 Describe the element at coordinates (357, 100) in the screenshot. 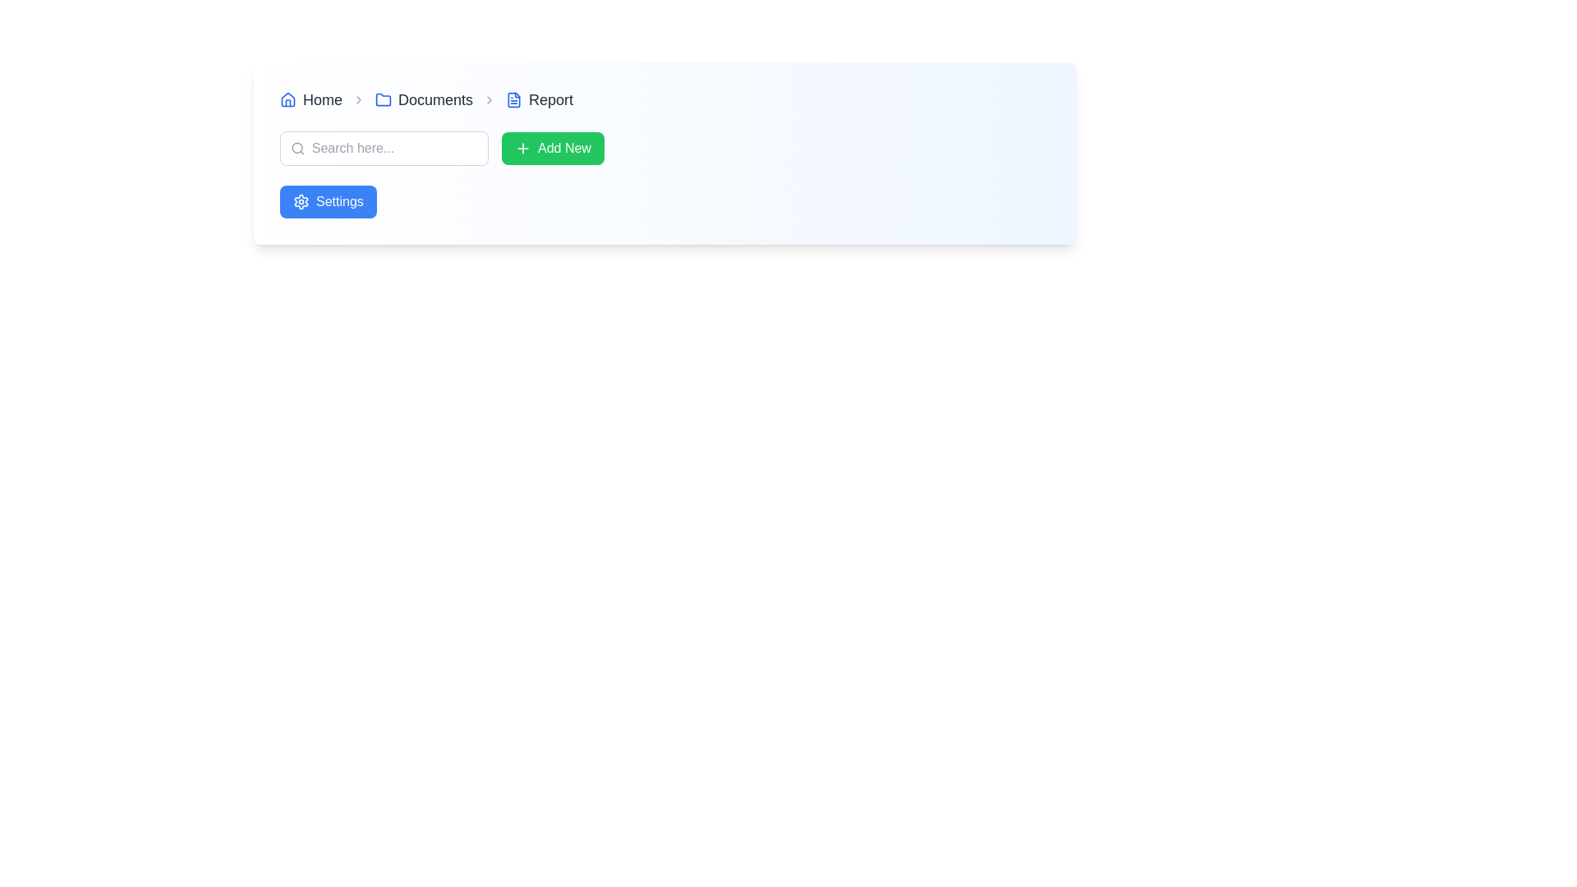

I see `the first chevron icon in the breadcrumb navigation, located to the right of the 'Home' text and icon, which indicates navigation between sections` at that location.